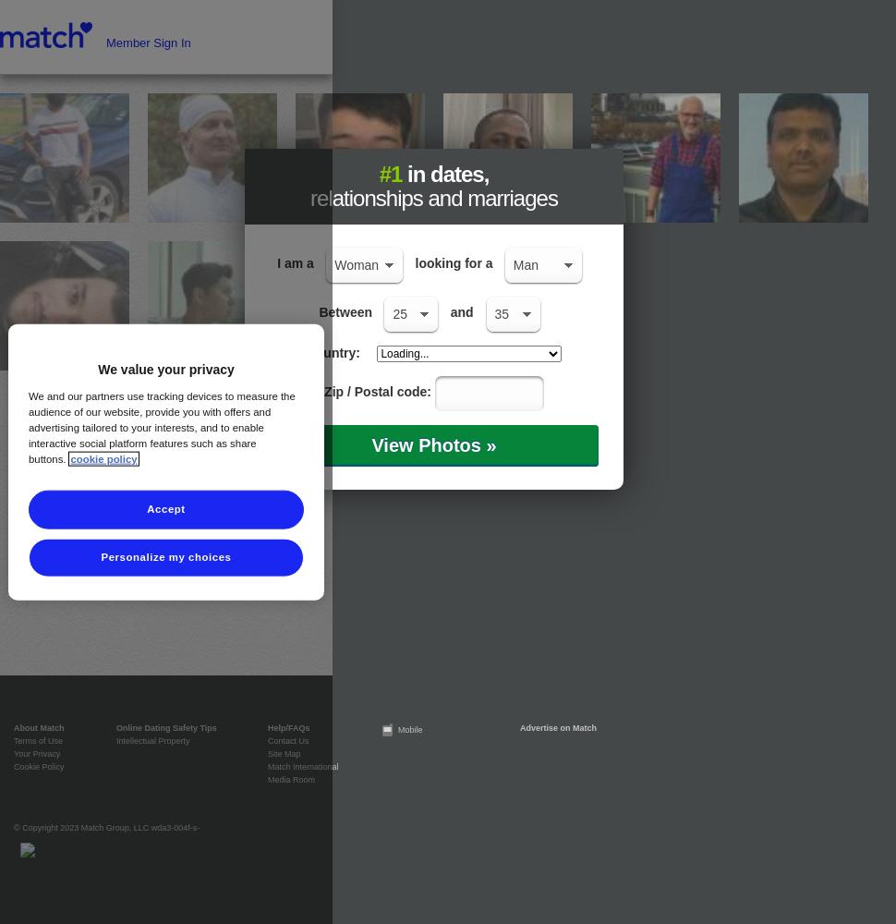 Image resolution: width=896 pixels, height=924 pixels. What do you see at coordinates (288, 728) in the screenshot?
I see `'Help/FAQs'` at bounding box center [288, 728].